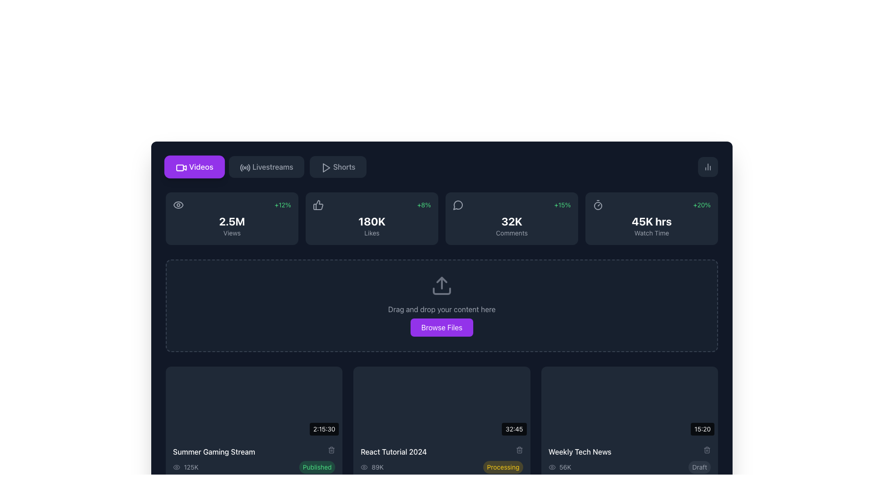 The image size is (872, 490). I want to click on the 'Livestreams' button, which is the second button from the left in a row of three, featuring a dark gray background and an icon of radio waves on its left side, so click(266, 167).